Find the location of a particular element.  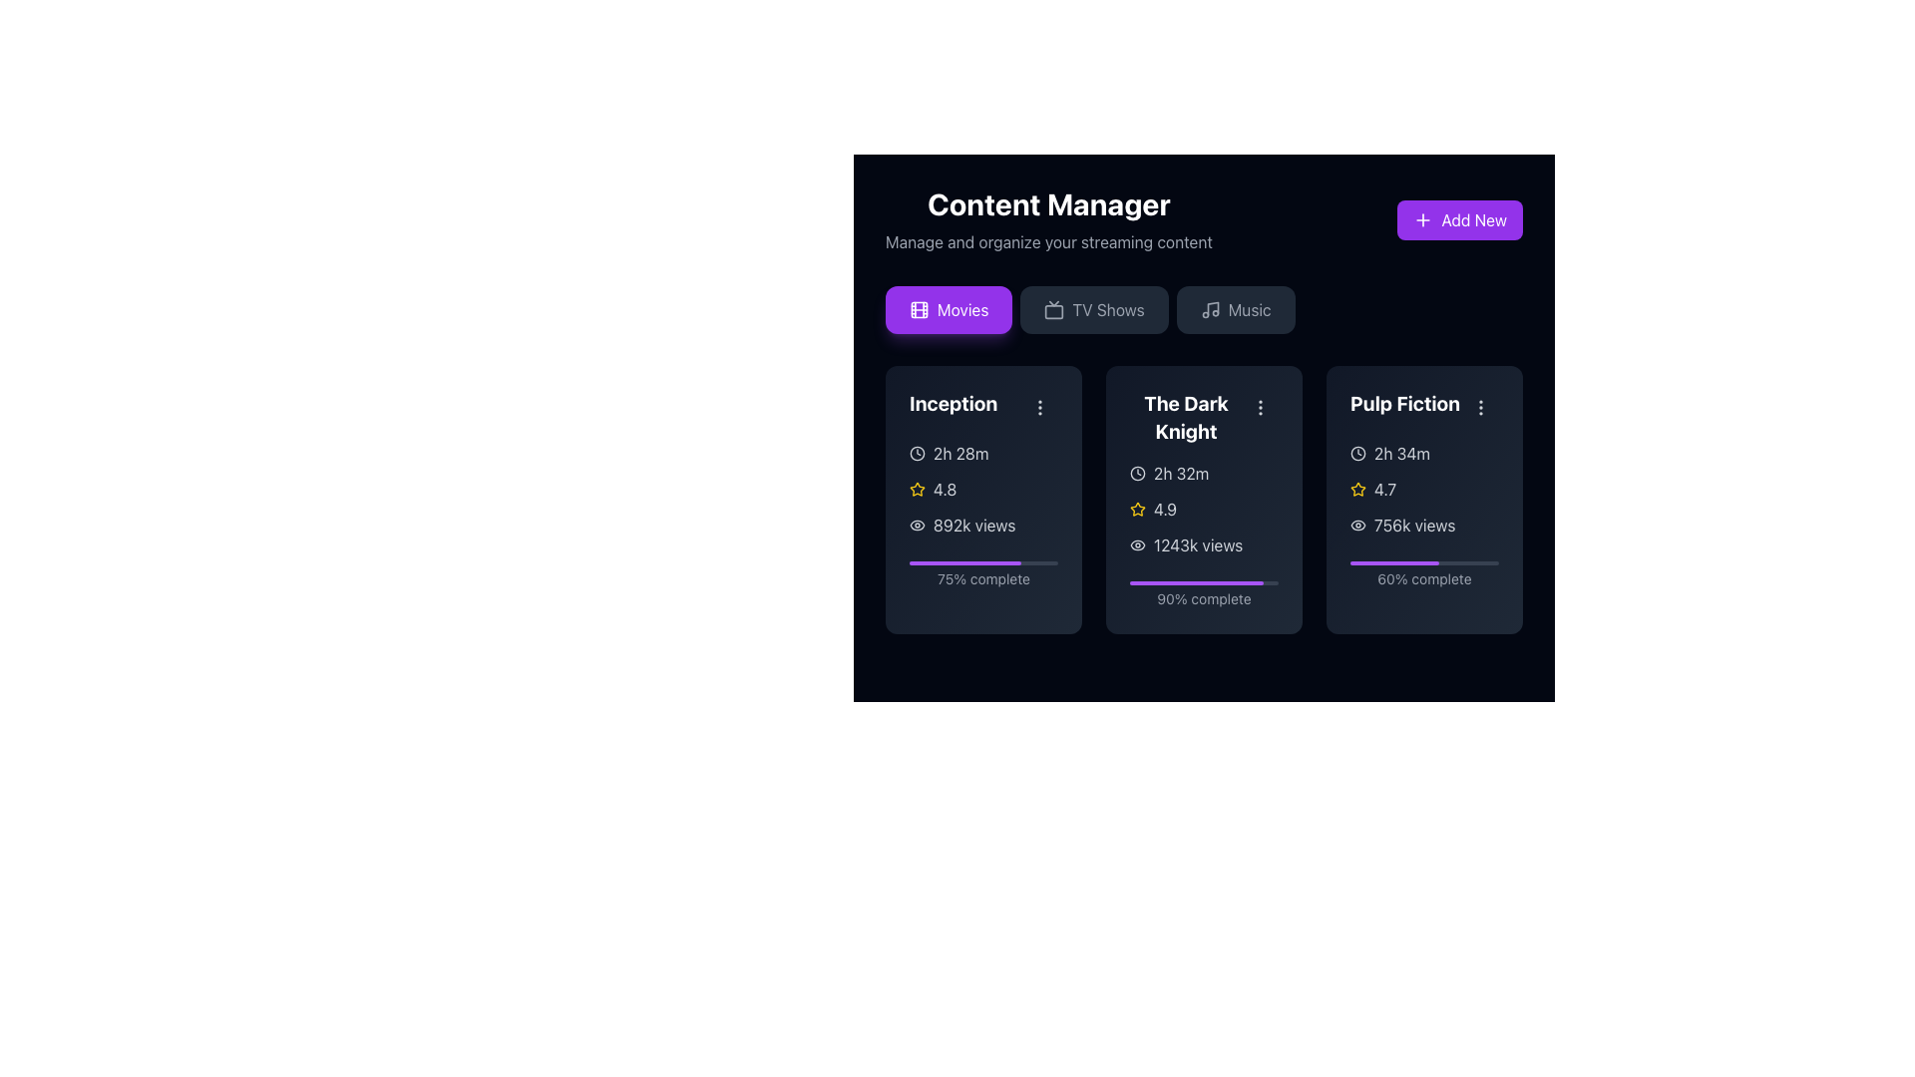

the rating value associated with the star icon located in the center of the card labeled 'The Dark Knight', under the 'Movies' tab, positioned below the time duration and above the text '4.9' is located at coordinates (1138, 508).